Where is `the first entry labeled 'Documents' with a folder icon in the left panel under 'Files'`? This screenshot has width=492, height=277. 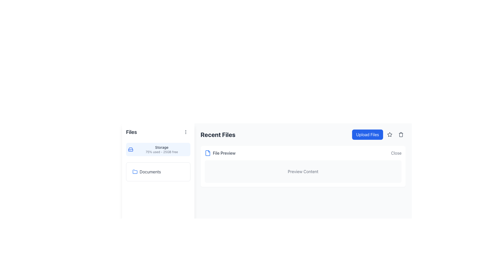
the first entry labeled 'Documents' with a folder icon in the left panel under 'Files' is located at coordinates (158, 172).